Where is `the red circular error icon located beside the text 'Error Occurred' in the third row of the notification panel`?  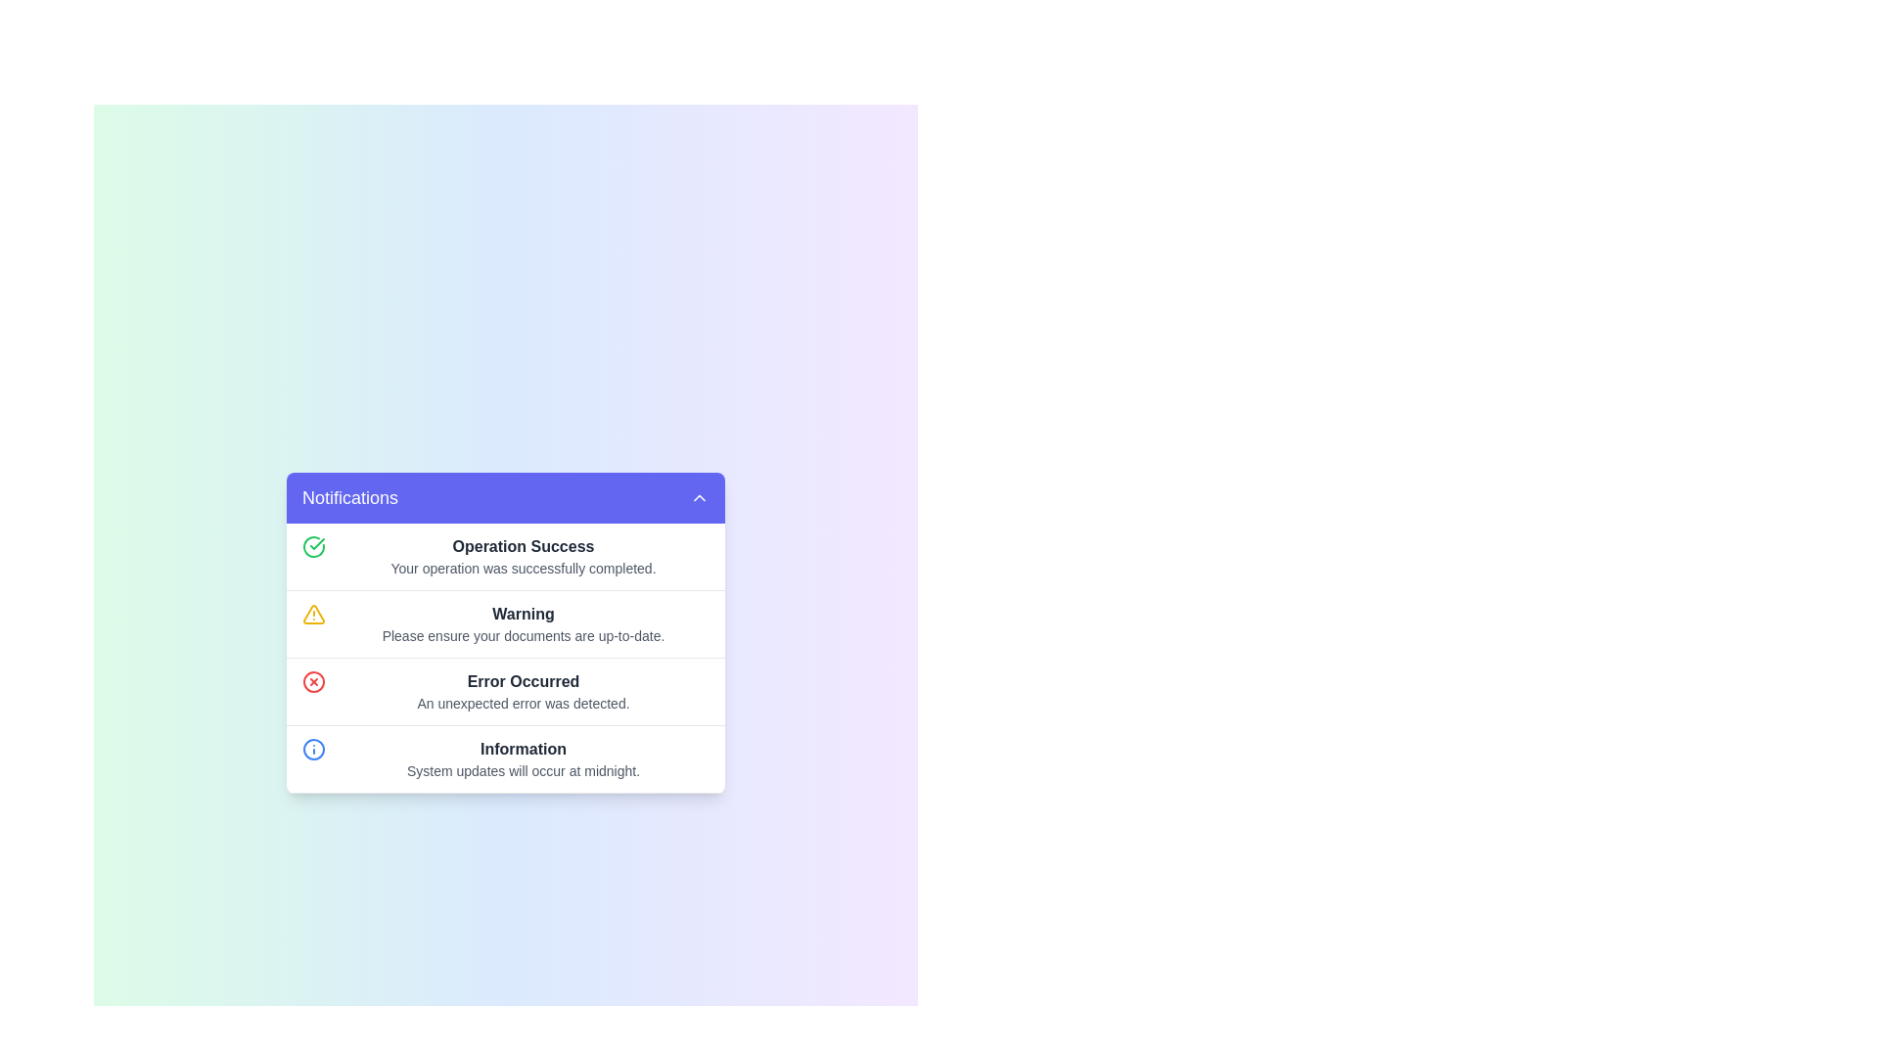
the red circular error icon located beside the text 'Error Occurred' in the third row of the notification panel is located at coordinates (314, 681).